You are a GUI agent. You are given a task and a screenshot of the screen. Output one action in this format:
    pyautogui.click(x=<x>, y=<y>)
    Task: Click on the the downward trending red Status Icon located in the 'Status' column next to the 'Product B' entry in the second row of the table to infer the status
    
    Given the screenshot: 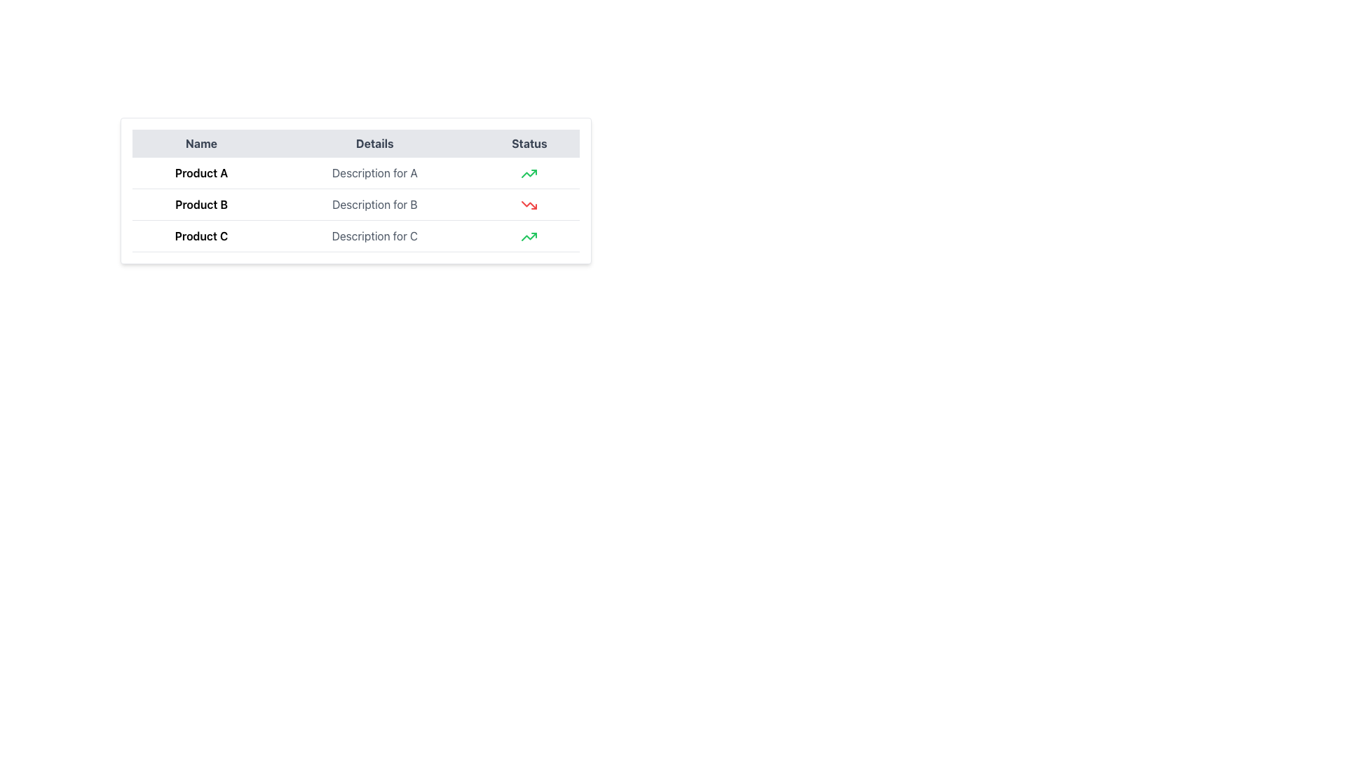 What is the action you would take?
    pyautogui.click(x=529, y=205)
    